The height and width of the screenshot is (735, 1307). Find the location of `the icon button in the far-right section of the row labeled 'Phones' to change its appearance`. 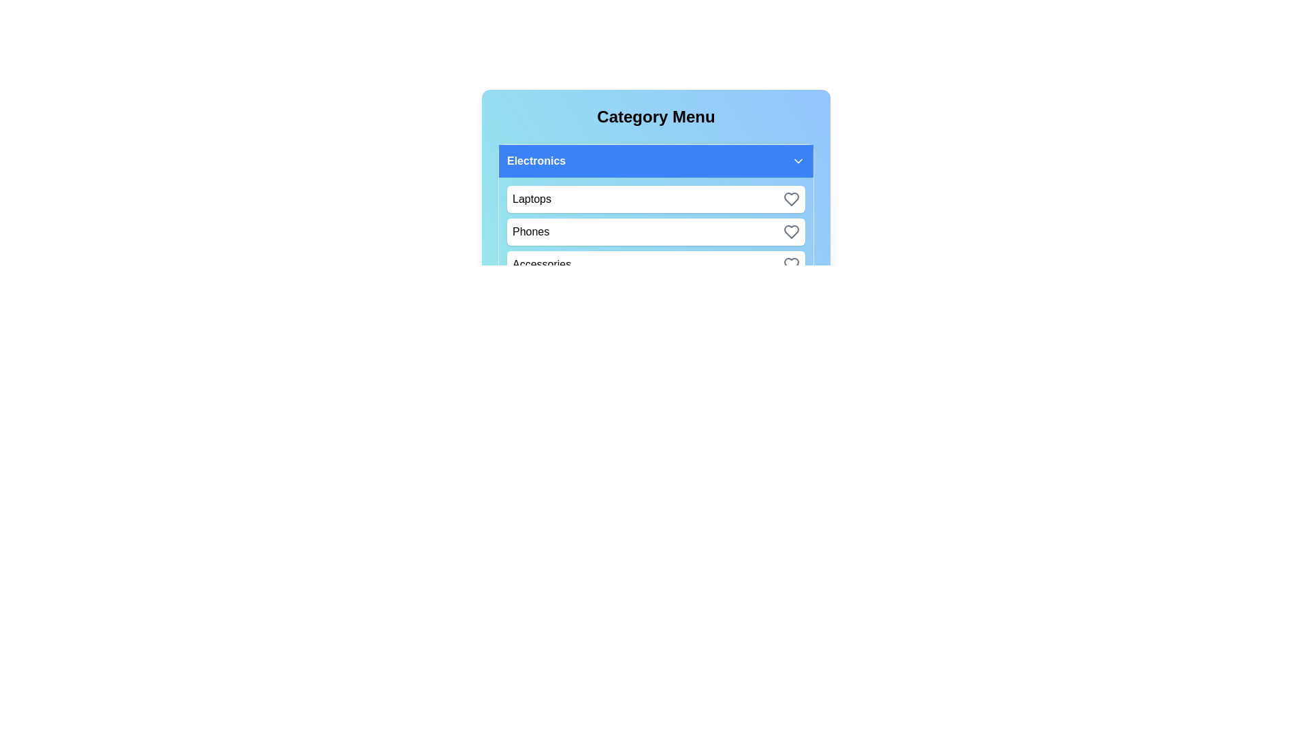

the icon button in the far-right section of the row labeled 'Phones' to change its appearance is located at coordinates (791, 231).